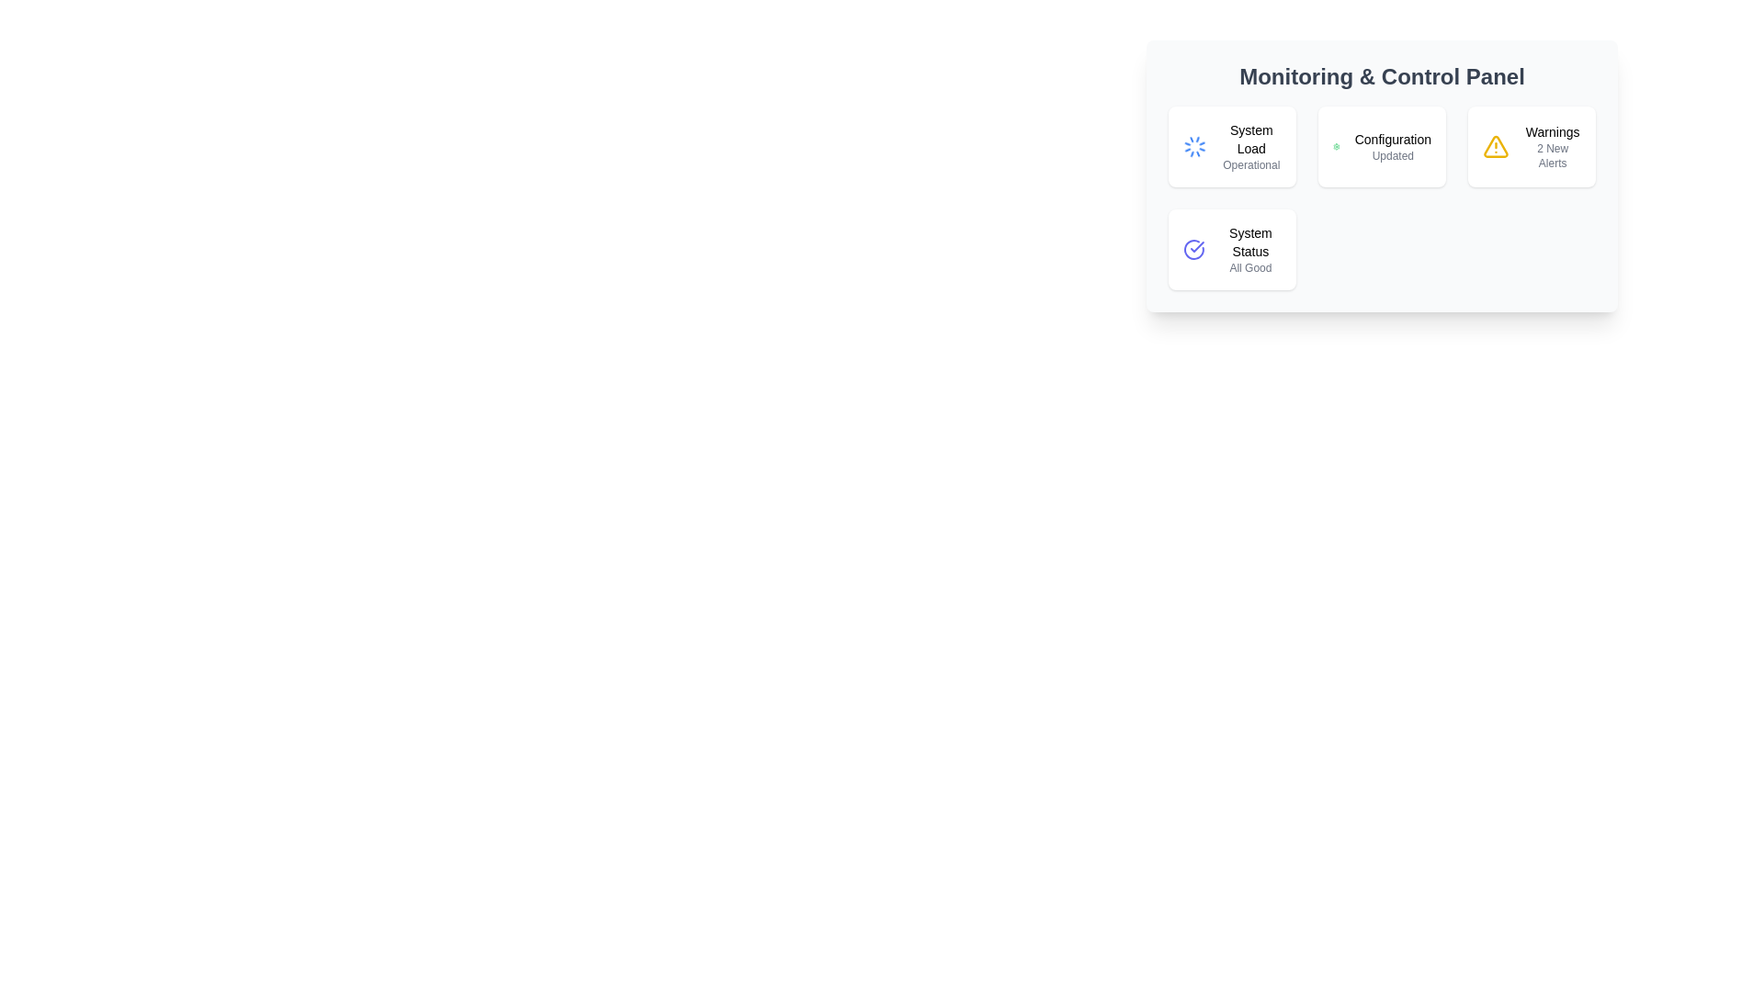 The width and height of the screenshot is (1764, 992). I want to click on the Notification indicator displaying 'Warnings' and '2 New Alerts' to possibly see a tooltip or further information, so click(1552, 145).